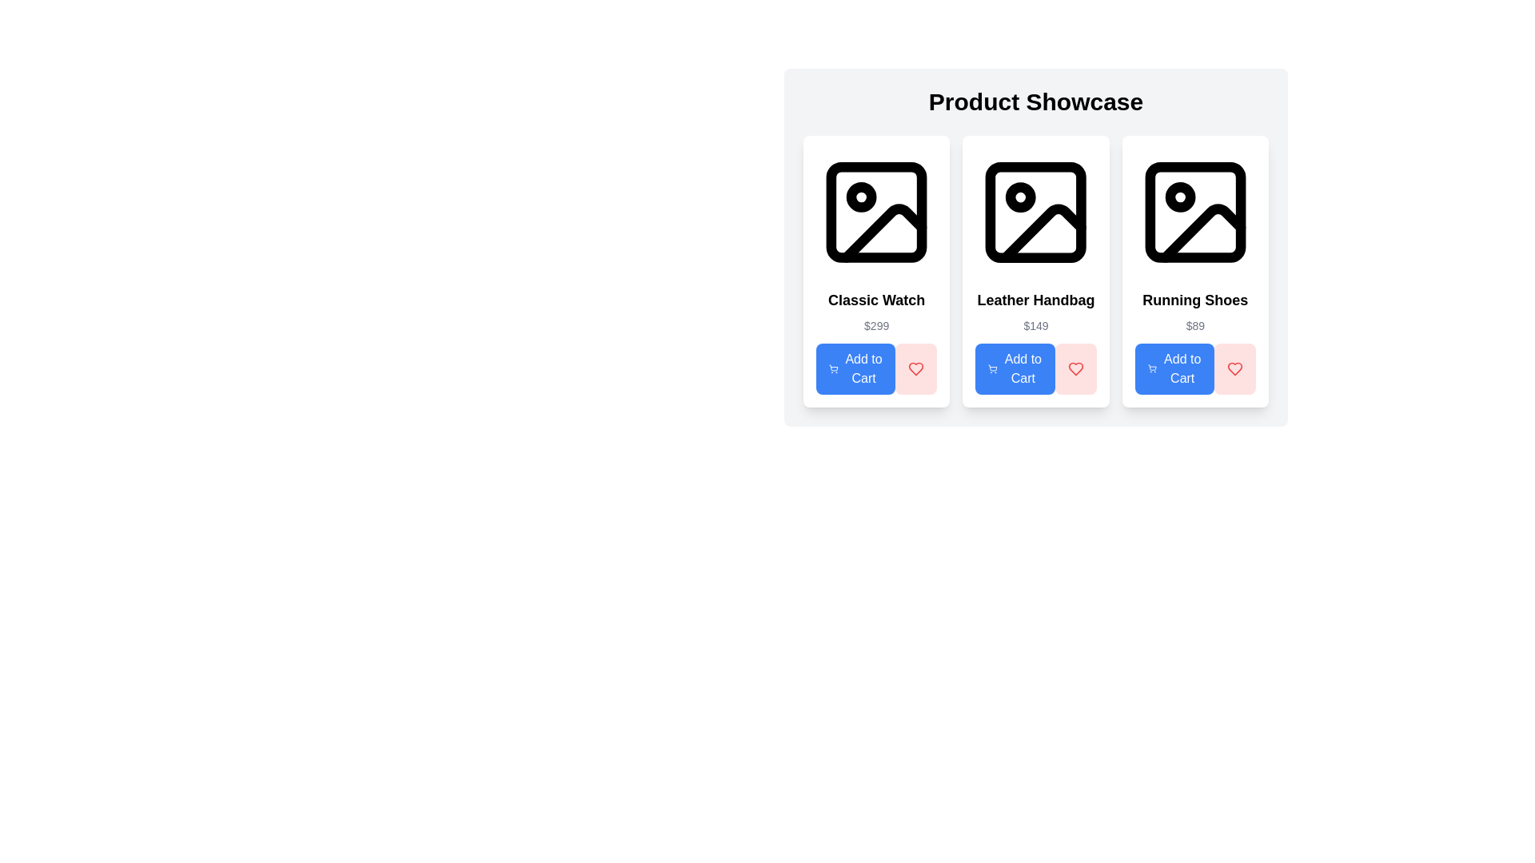 The image size is (1535, 863). What do you see at coordinates (916, 369) in the screenshot?
I see `the heart icon button located at the bottom-right corner of the second product card for the 'Leather Handbag' product, which serves as a favorite button` at bounding box center [916, 369].